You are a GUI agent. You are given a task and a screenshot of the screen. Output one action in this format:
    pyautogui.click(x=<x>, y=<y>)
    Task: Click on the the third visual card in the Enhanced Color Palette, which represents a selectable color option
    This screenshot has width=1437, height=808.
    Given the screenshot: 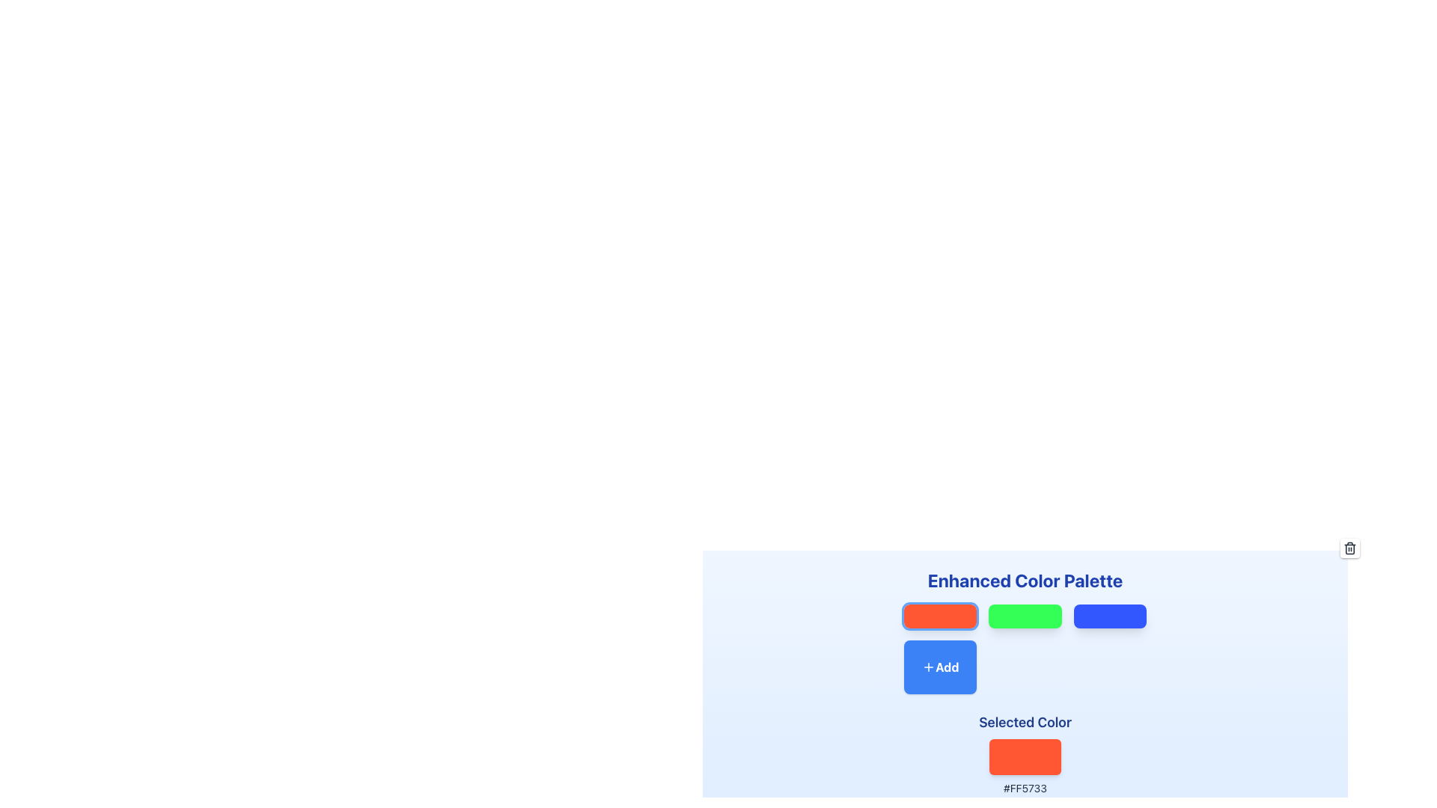 What is the action you would take?
    pyautogui.click(x=1110, y=616)
    